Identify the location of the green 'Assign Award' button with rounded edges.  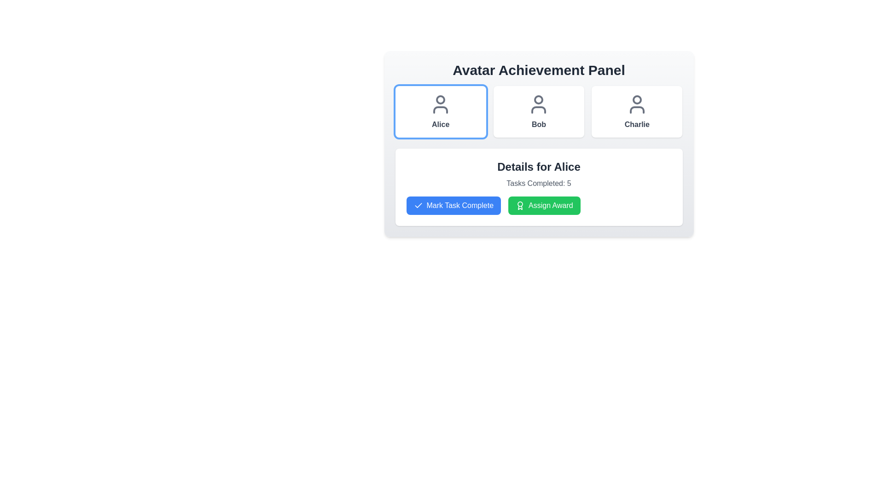
(544, 205).